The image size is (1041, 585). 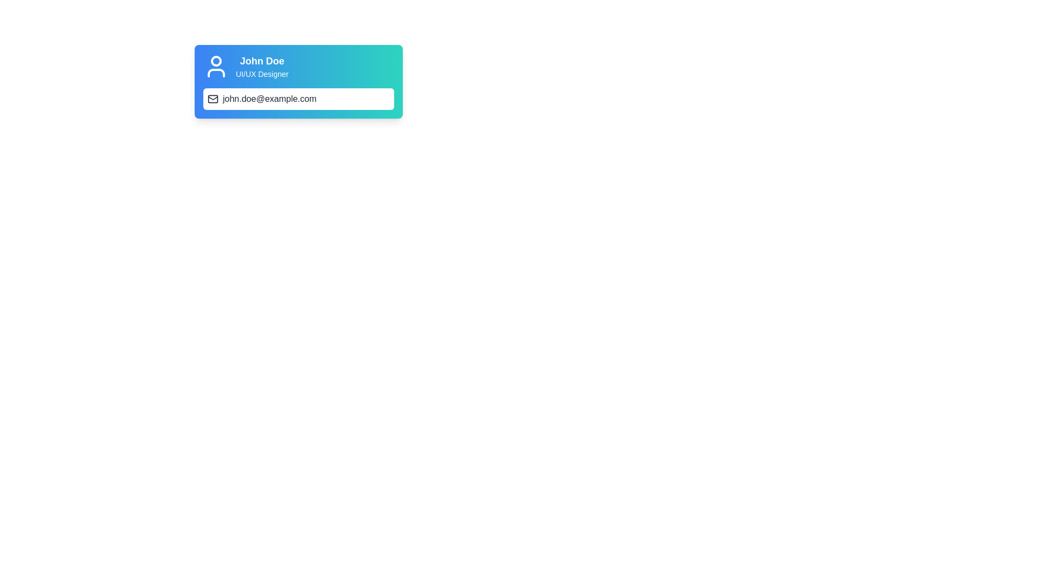 I want to click on the SVG circle graphical element that represents the top portion of the user's face within the user icon in the top left corner of the user panel, so click(x=216, y=61).